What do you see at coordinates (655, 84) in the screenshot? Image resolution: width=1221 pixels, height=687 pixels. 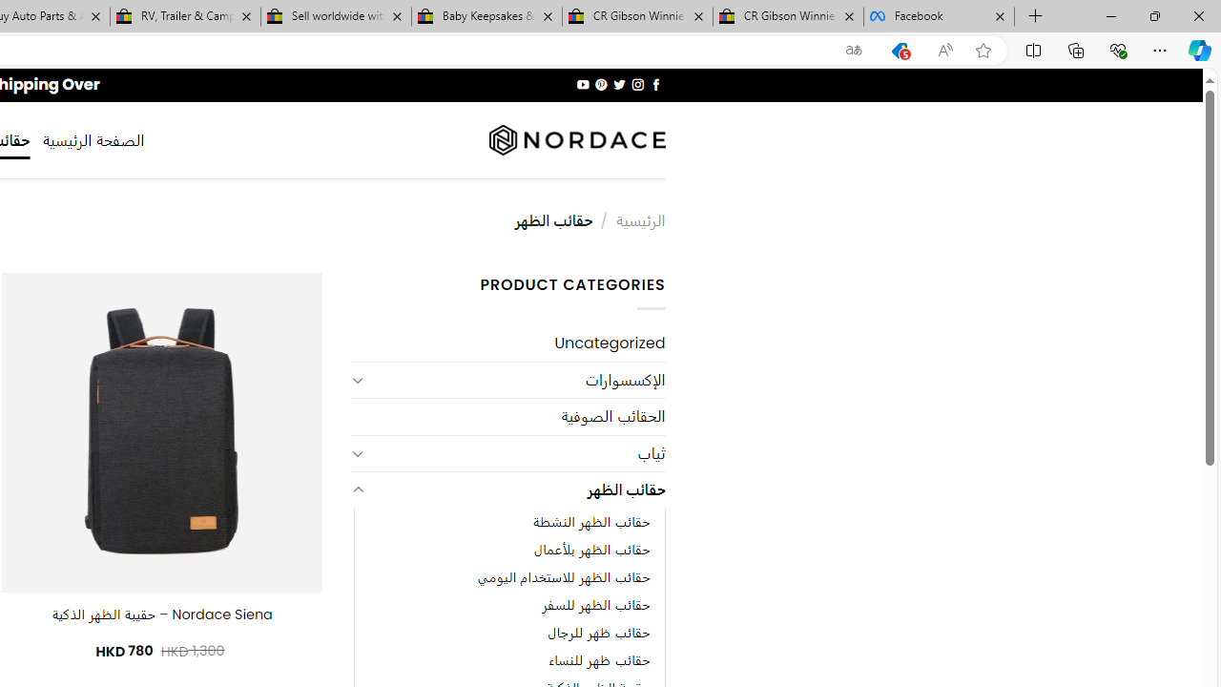 I see `'Follow on Facebook'` at bounding box center [655, 84].